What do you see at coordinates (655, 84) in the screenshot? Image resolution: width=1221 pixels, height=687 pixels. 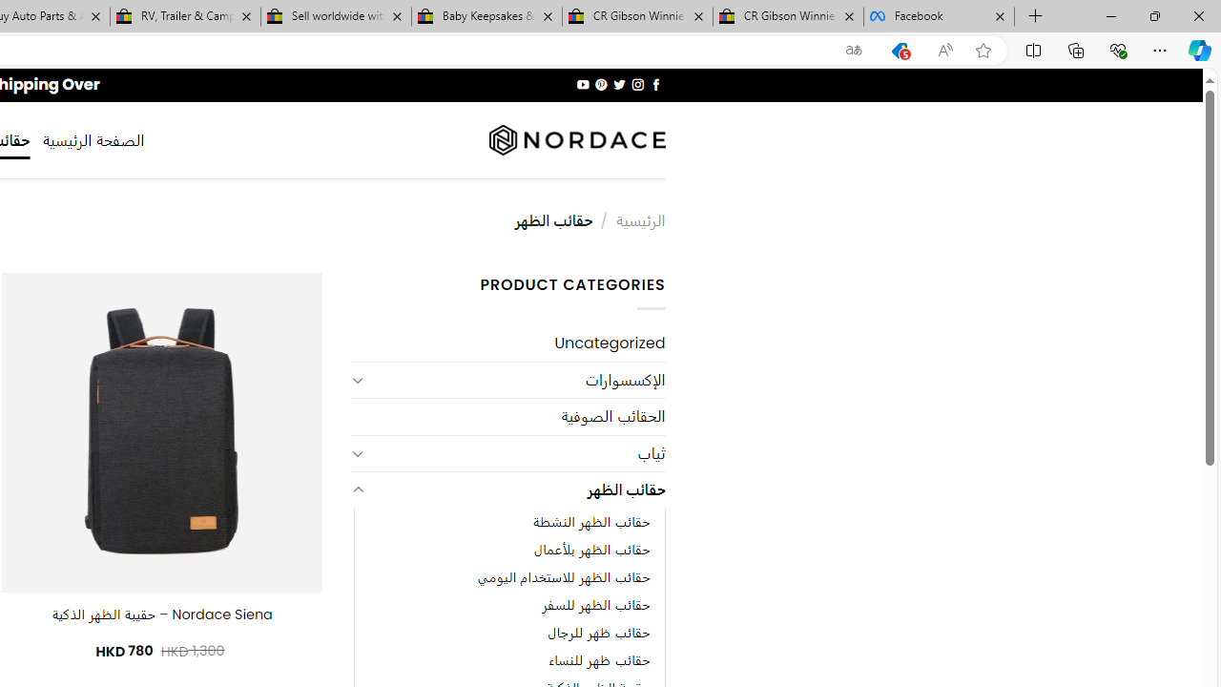 I see `'Follow on Facebook'` at bounding box center [655, 84].